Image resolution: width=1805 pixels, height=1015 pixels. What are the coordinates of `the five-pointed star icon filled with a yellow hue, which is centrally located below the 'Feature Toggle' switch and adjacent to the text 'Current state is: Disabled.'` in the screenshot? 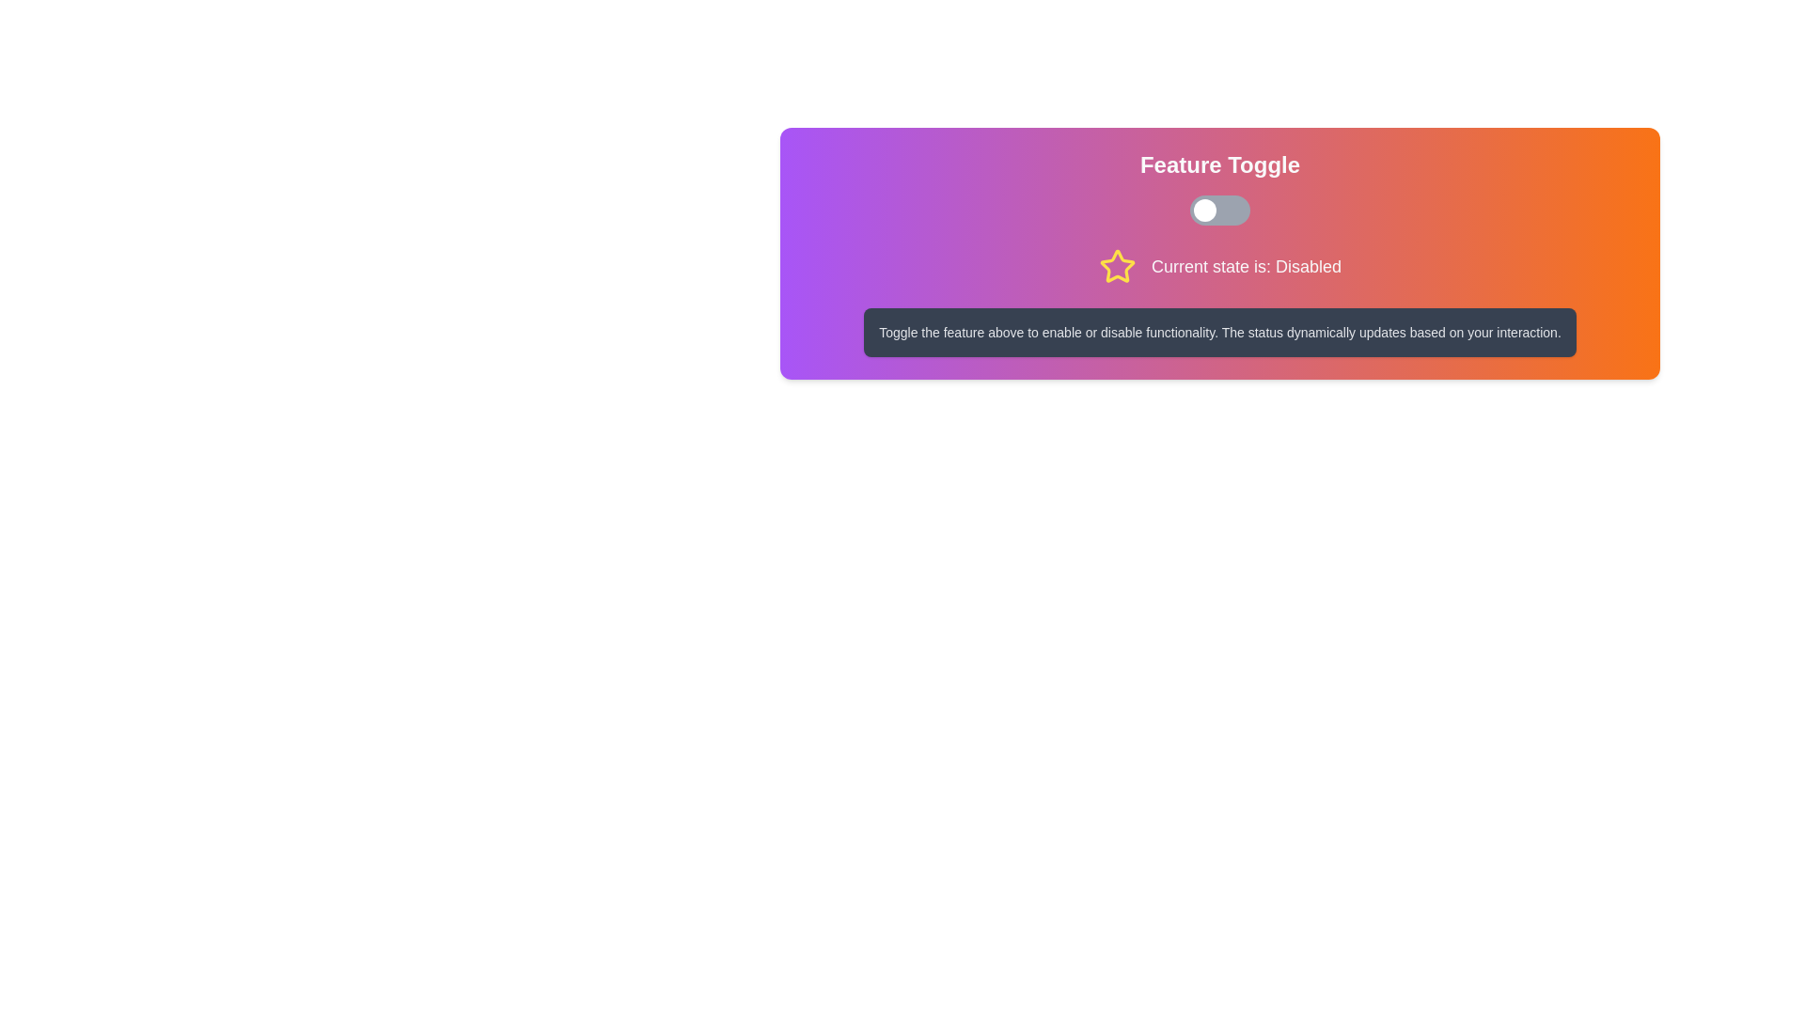 It's located at (1117, 266).